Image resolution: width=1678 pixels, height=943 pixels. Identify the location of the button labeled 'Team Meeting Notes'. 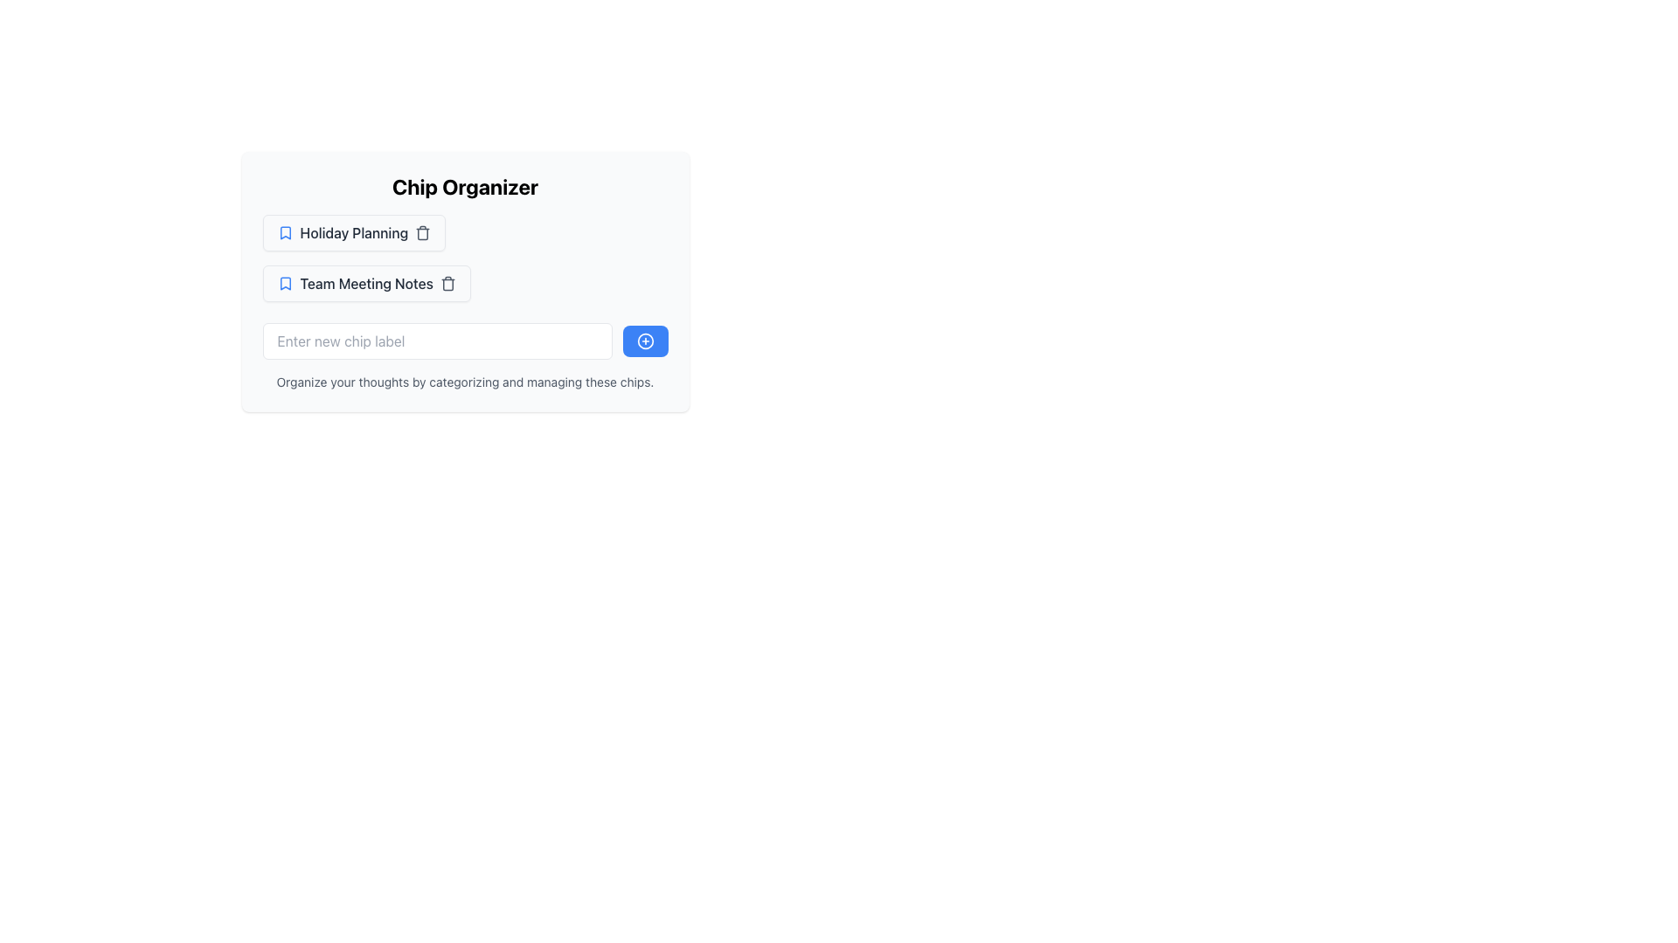
(365, 282).